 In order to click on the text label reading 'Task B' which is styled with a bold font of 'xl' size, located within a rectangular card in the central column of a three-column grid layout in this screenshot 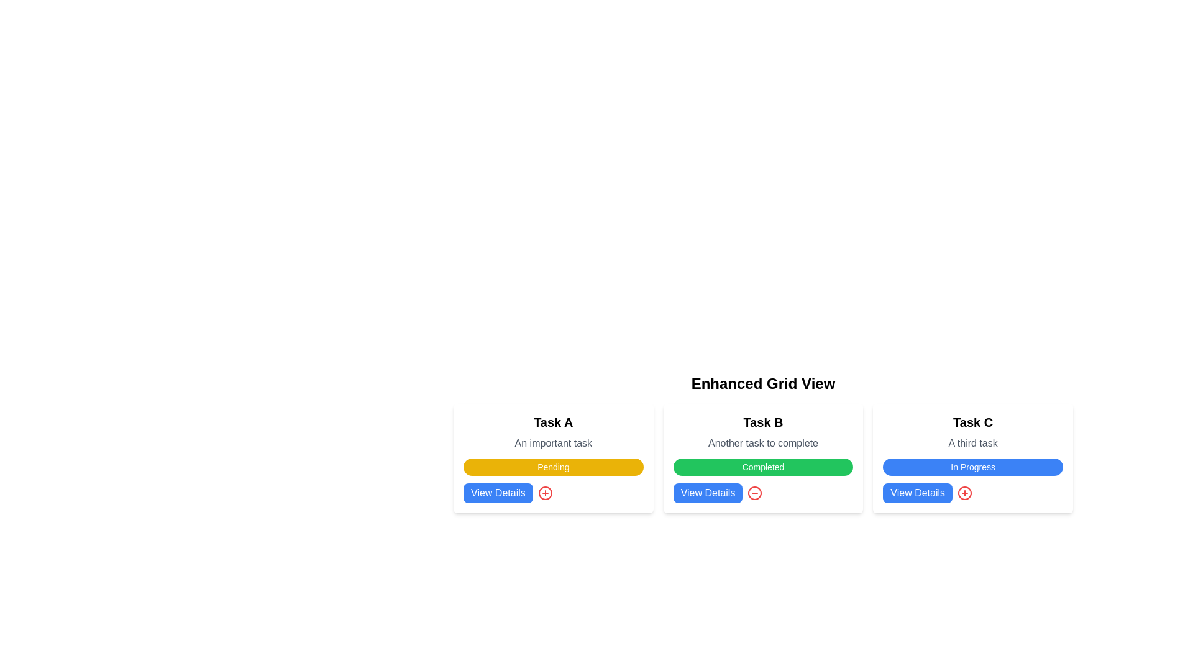, I will do `click(762, 421)`.